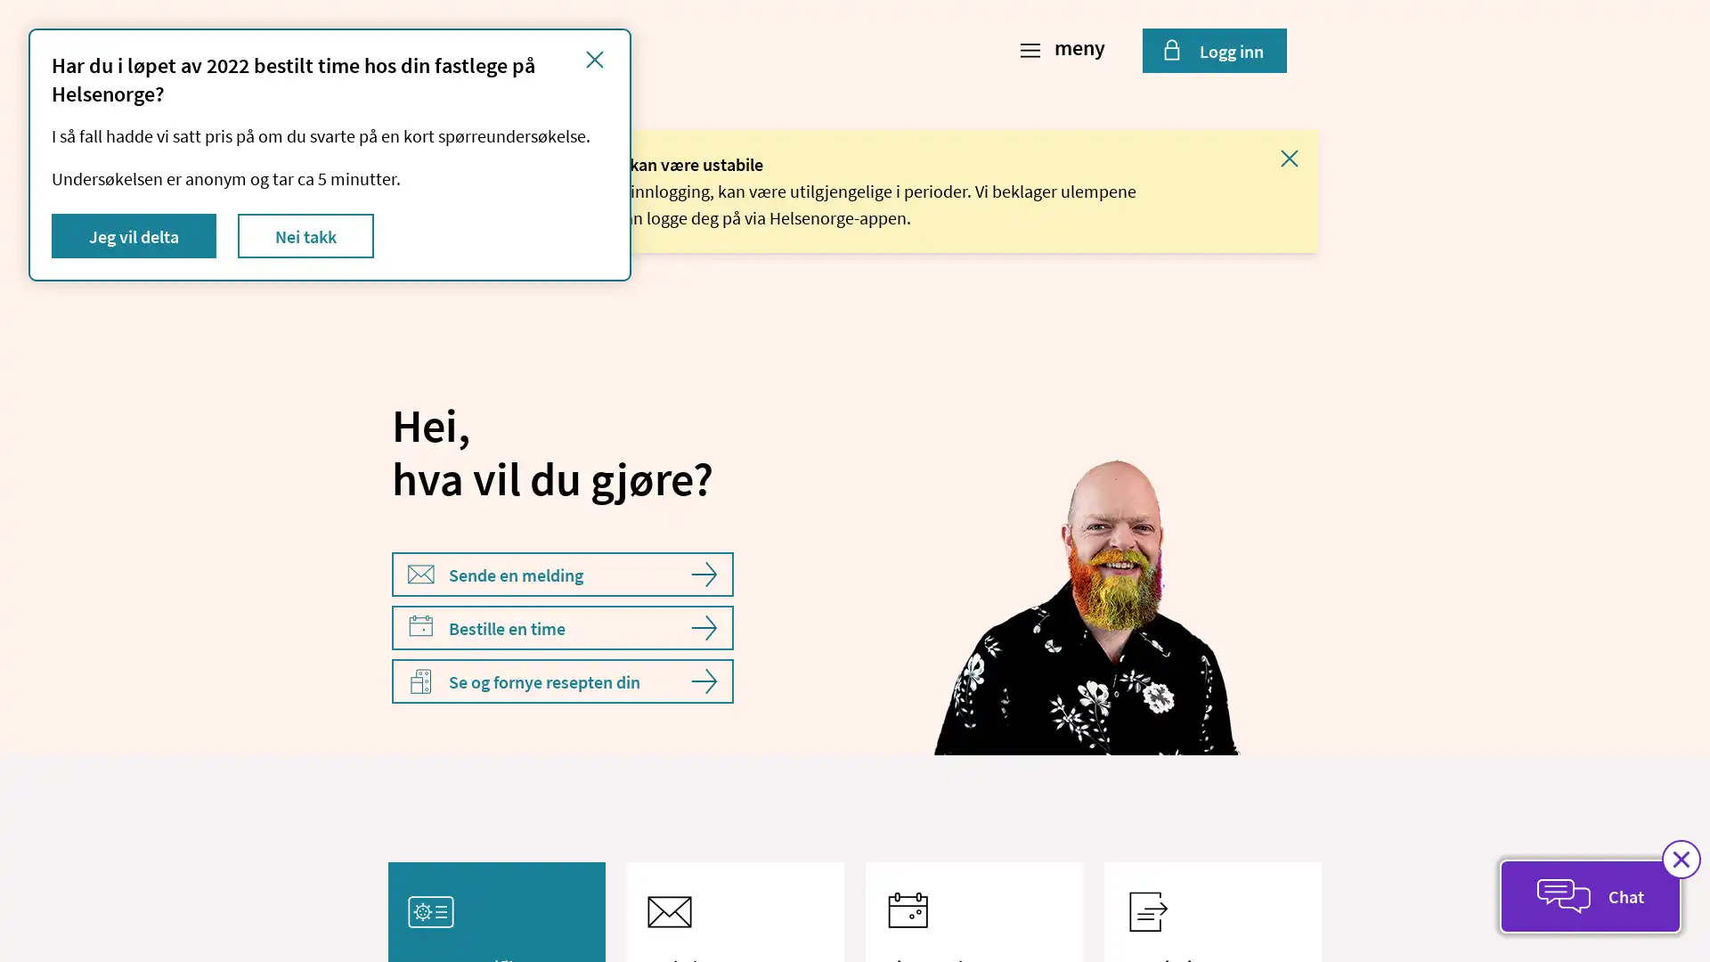  Describe the element at coordinates (562, 574) in the screenshot. I see `Sende en melding` at that location.